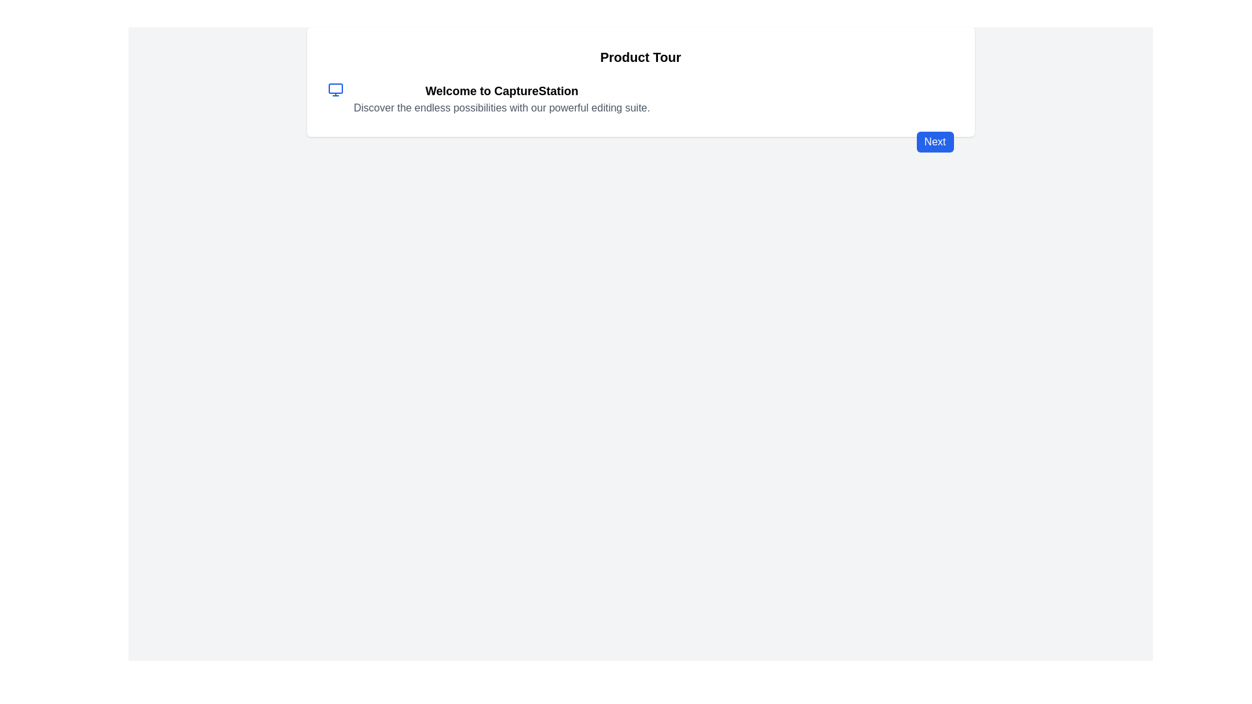 Image resolution: width=1252 pixels, height=704 pixels. I want to click on centered text block that displays 'Product Tour', which is styled in bold, large font at the top of the white card layout, so click(640, 57).